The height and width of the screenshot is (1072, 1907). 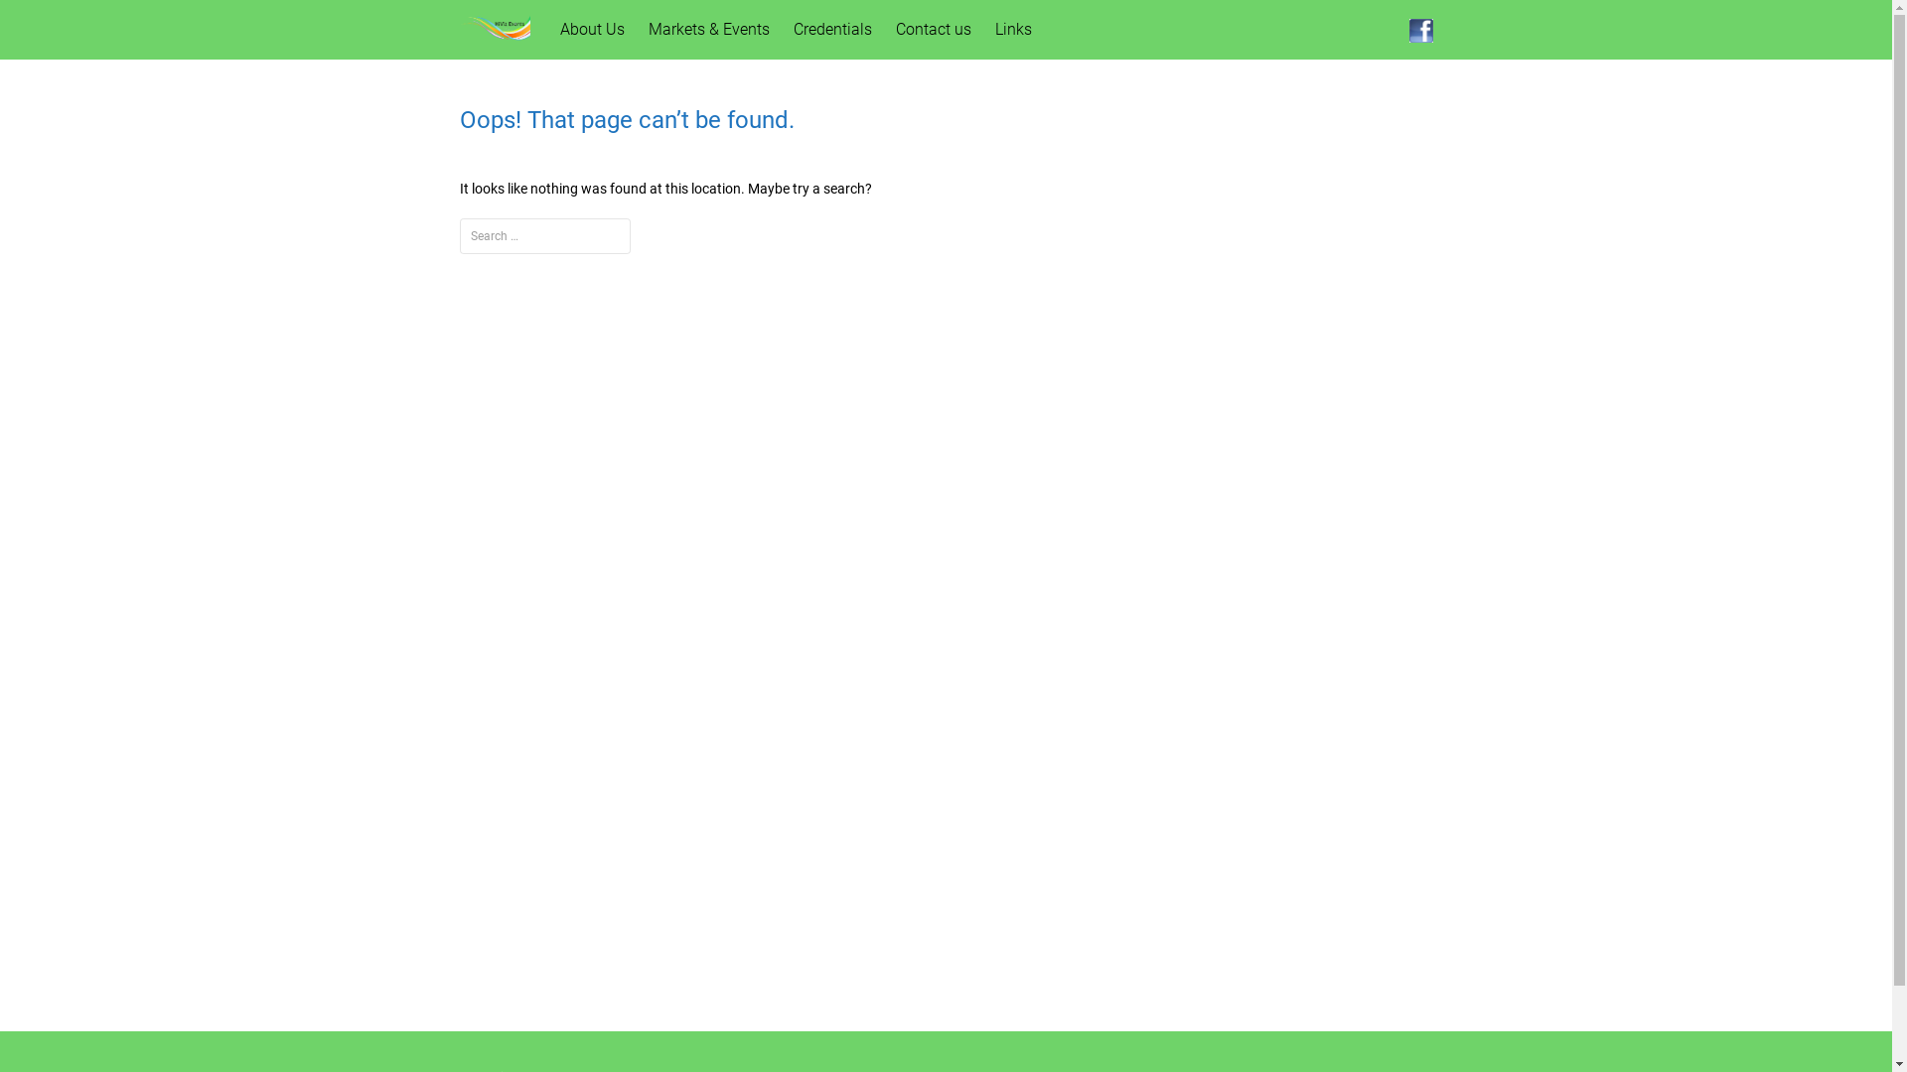 What do you see at coordinates (591, 30) in the screenshot?
I see `'About Us'` at bounding box center [591, 30].